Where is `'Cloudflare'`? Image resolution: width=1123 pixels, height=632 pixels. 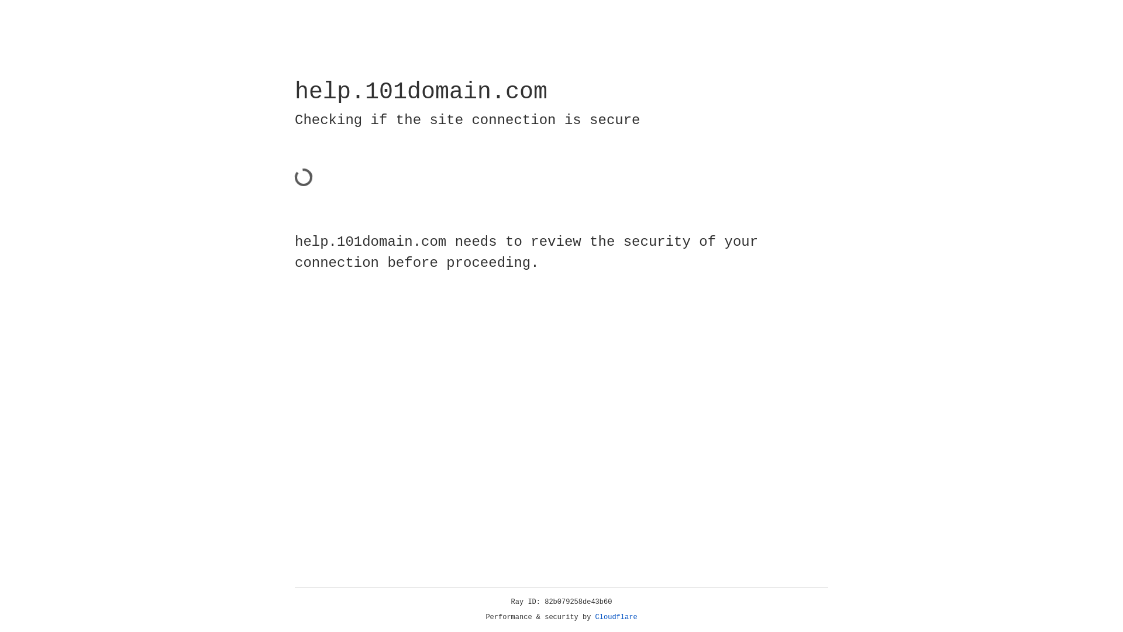 'Cloudflare' is located at coordinates (595, 617).